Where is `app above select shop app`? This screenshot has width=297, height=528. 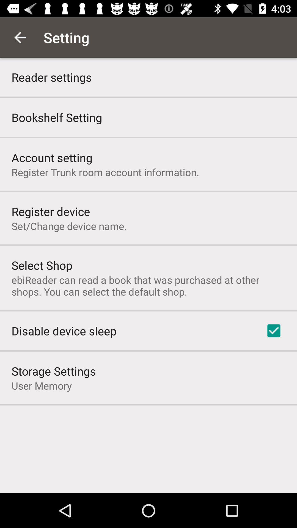
app above select shop app is located at coordinates (69, 226).